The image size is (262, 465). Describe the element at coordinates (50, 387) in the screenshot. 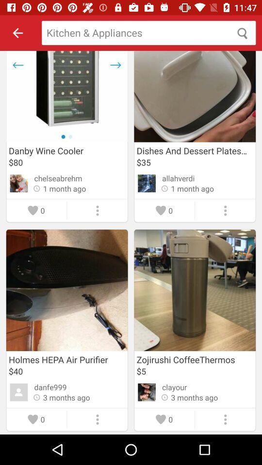

I see `the icon below the $40 item` at that location.